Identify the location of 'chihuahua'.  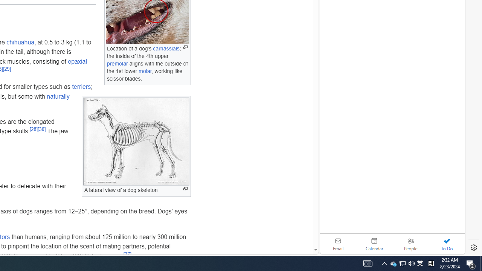
(20, 42).